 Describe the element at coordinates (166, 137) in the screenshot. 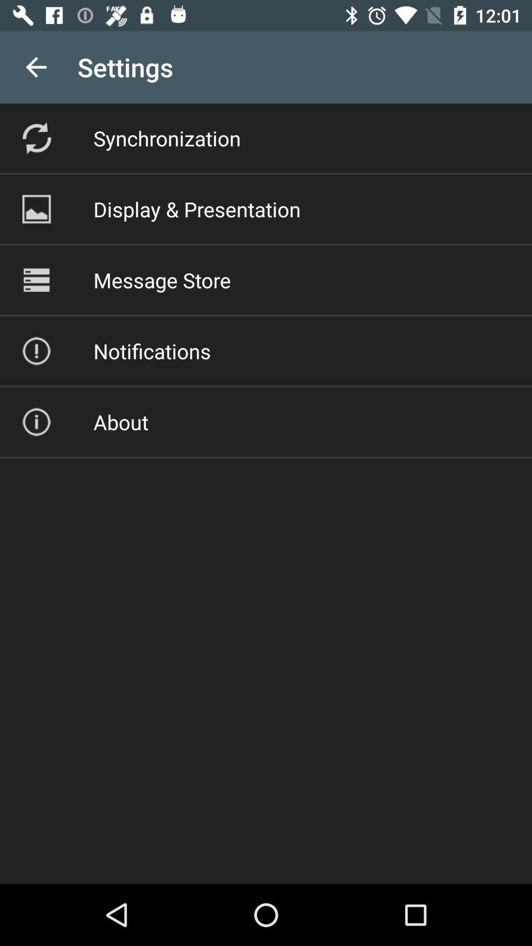

I see `the item above display & presentation` at that location.